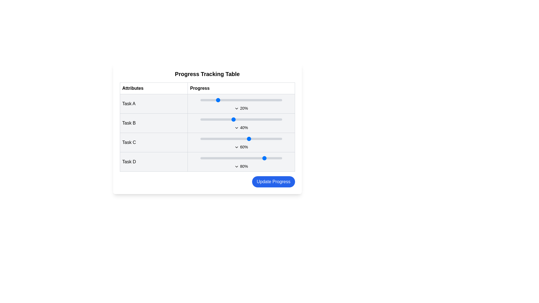 This screenshot has height=303, width=539. Describe the element at coordinates (253, 100) in the screenshot. I see `progress value` at that location.